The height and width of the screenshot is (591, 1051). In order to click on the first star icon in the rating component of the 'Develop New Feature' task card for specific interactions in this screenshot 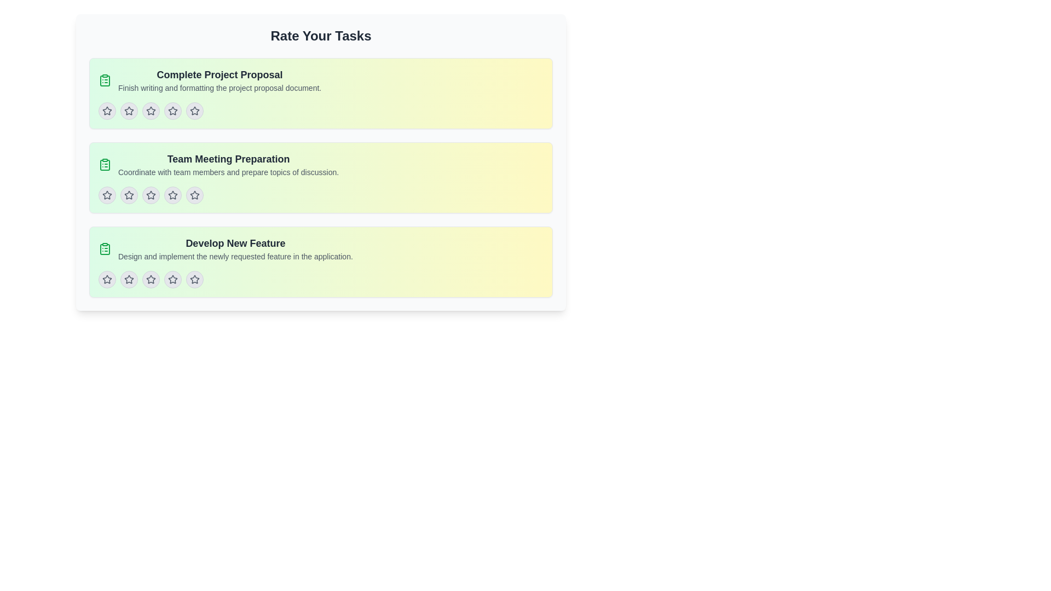, I will do `click(107, 279)`.